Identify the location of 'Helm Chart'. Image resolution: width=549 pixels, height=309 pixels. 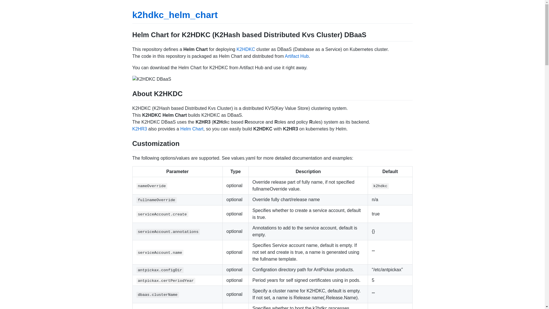
(192, 129).